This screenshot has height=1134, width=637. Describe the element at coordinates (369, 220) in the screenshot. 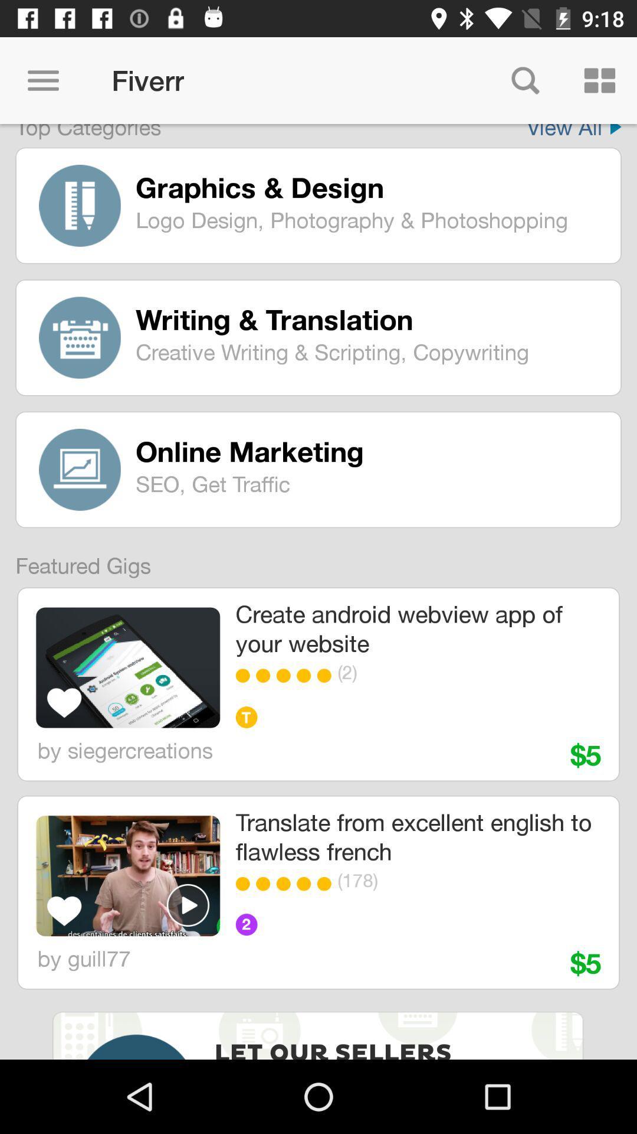

I see `the logo design photography` at that location.